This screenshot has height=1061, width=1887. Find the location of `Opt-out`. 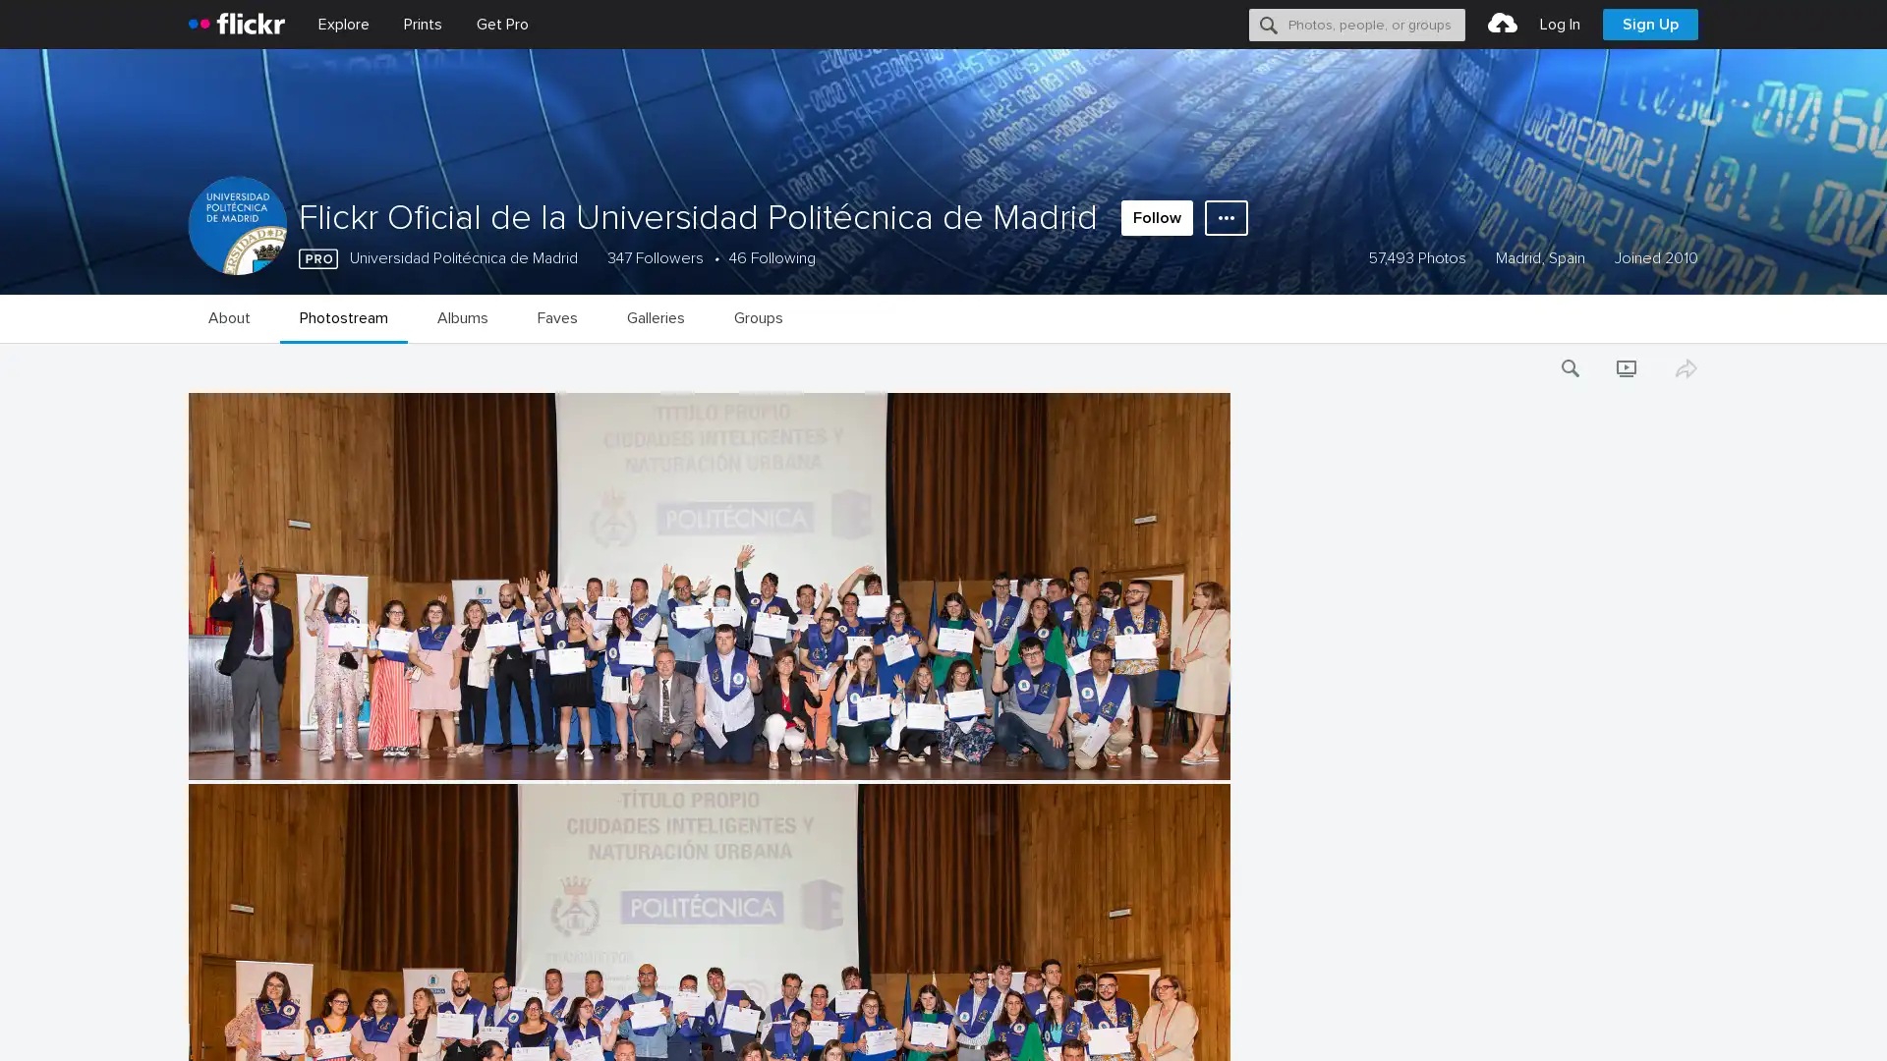

Opt-out is located at coordinates (1588, 1023).